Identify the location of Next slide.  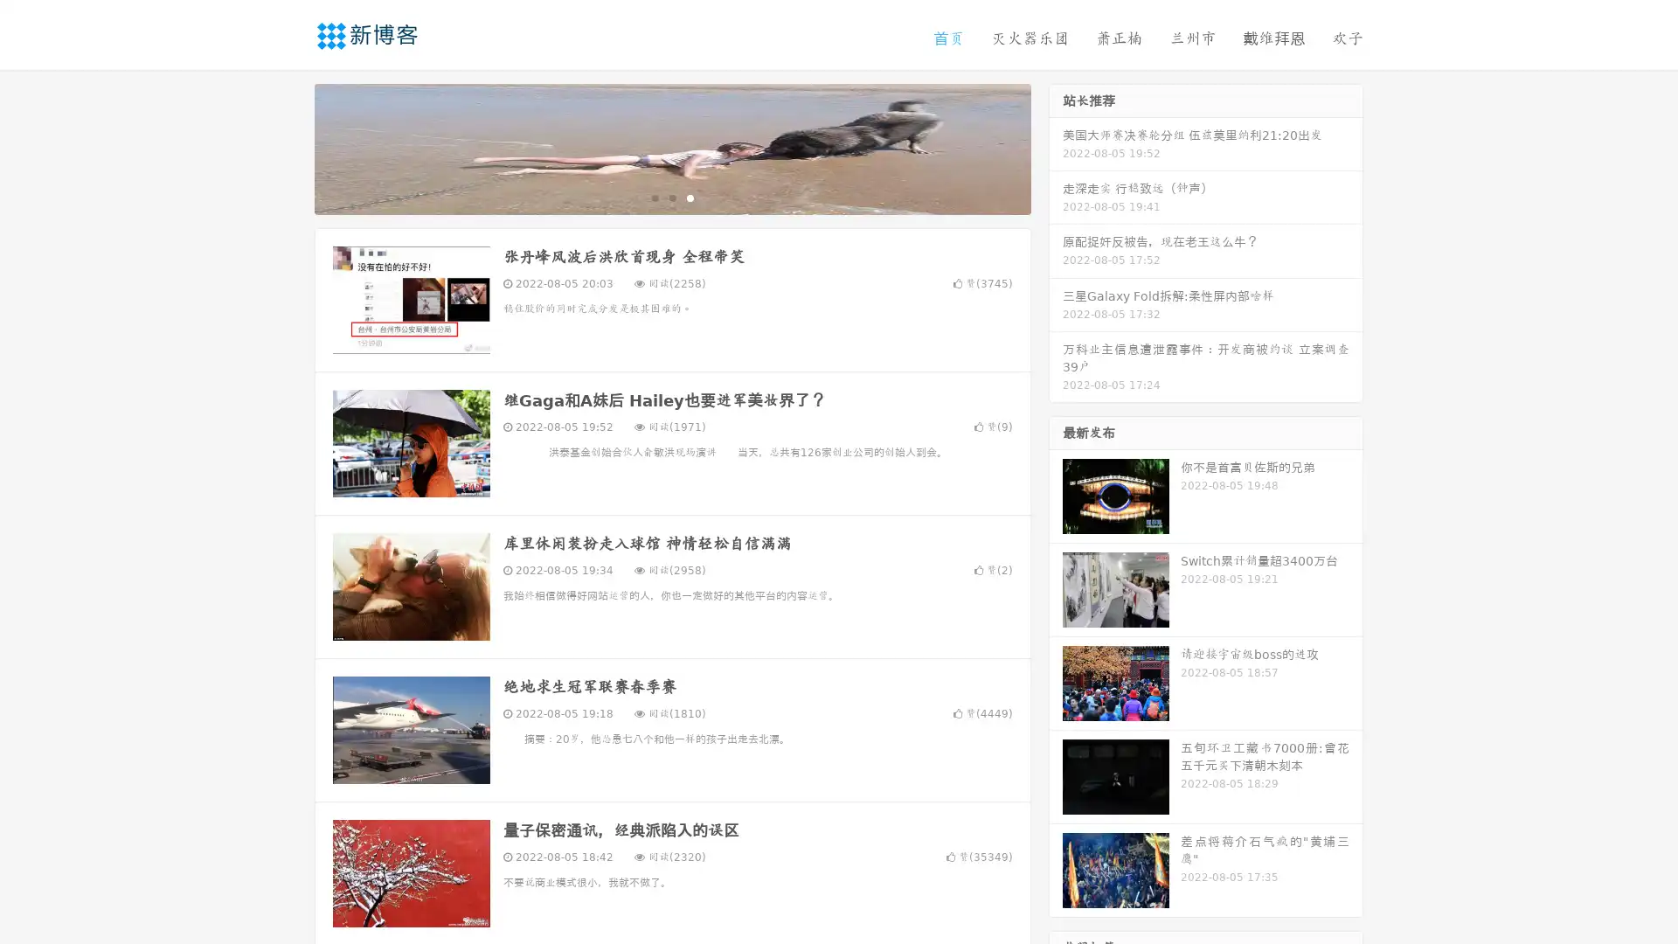
(1056, 147).